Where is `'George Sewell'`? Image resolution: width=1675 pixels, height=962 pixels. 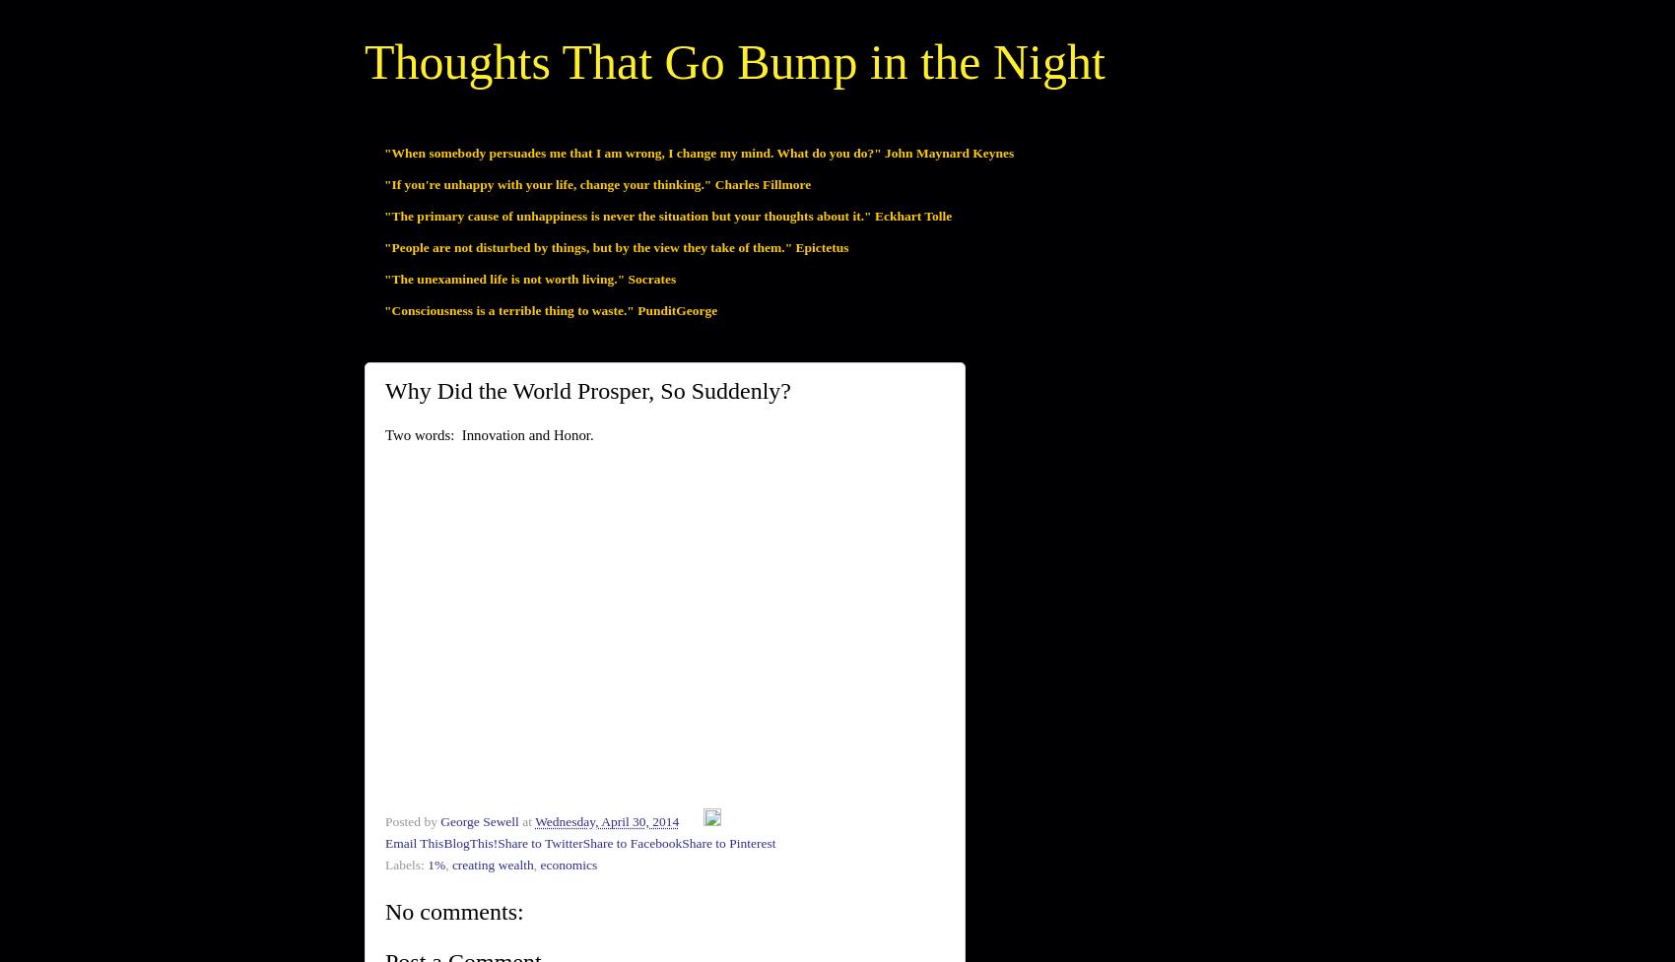 'George Sewell' is located at coordinates (479, 820).